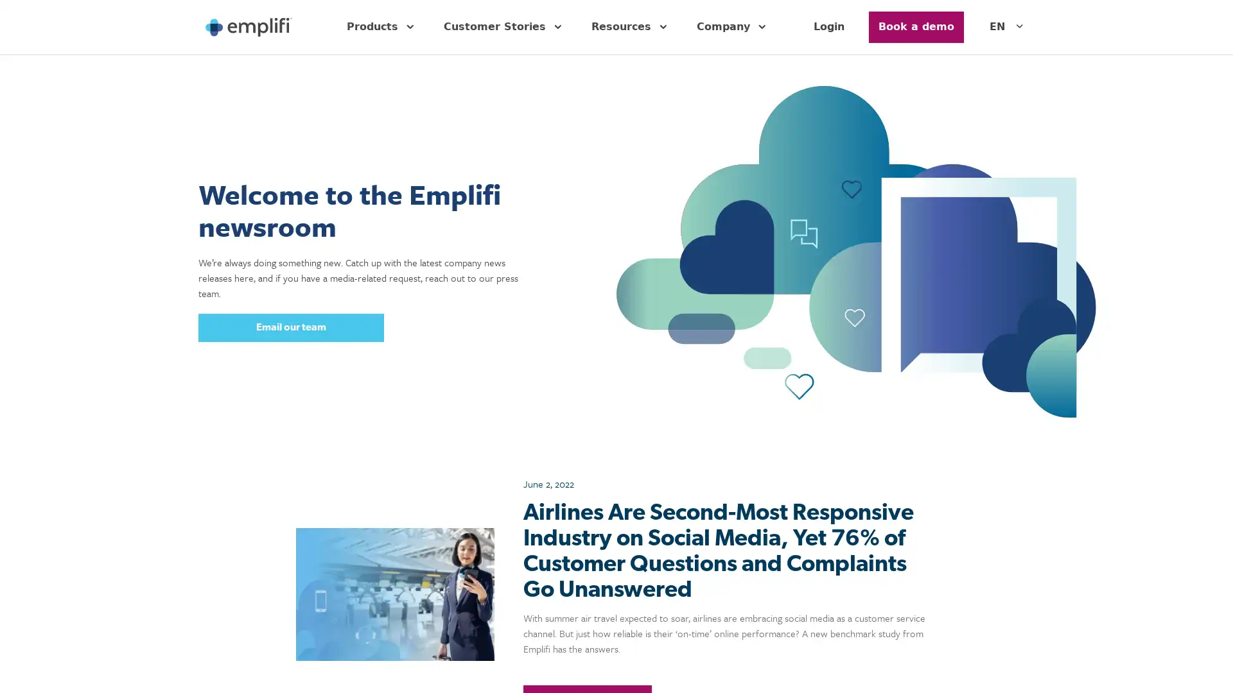 This screenshot has width=1233, height=693. I want to click on Button, so click(915, 27).